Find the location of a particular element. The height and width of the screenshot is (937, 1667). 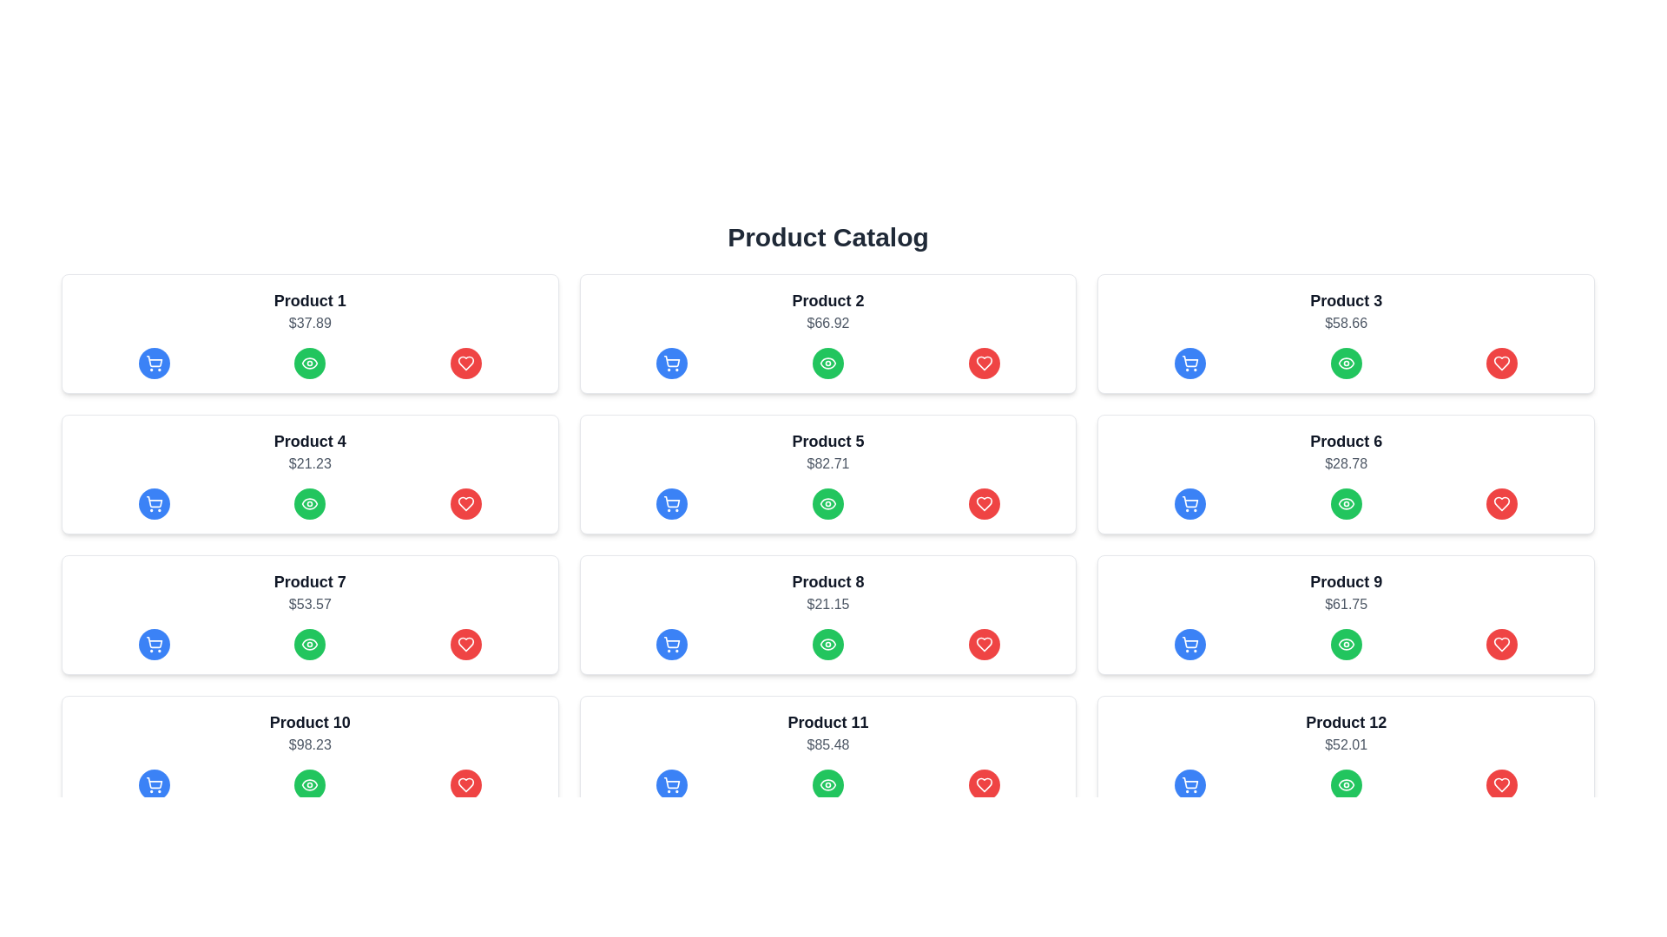

the price text label of 'Product 7', which is located in the middle row of a 3x4 grid layout and appears directly below the title 'Product 7' is located at coordinates (310, 604).